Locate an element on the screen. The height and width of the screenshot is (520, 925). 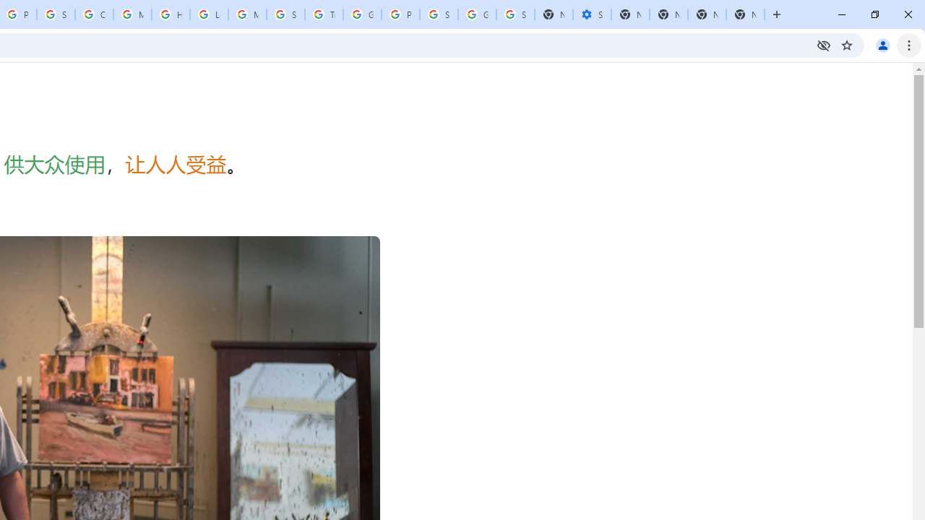
'Third-party cookies blocked' is located at coordinates (823, 44).